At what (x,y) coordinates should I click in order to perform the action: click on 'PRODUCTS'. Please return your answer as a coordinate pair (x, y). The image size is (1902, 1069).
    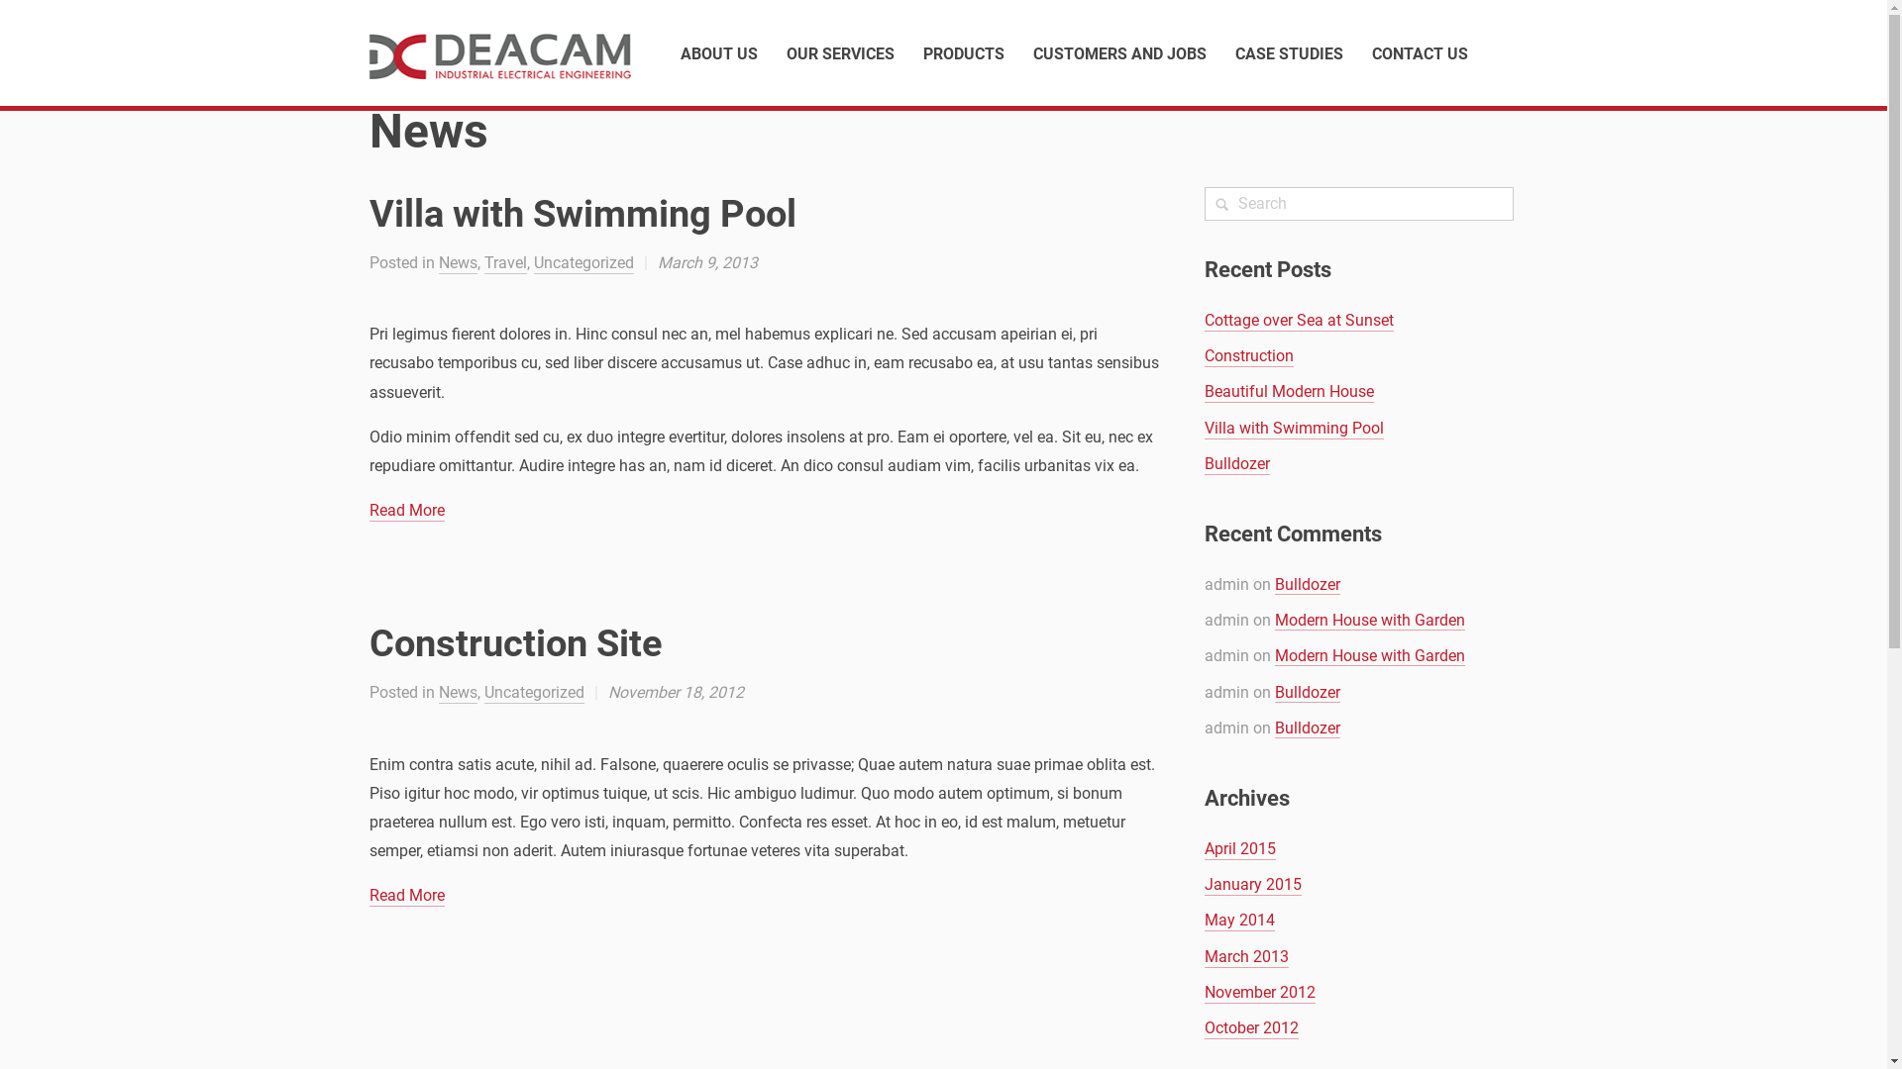
    Looking at the image, I should click on (964, 52).